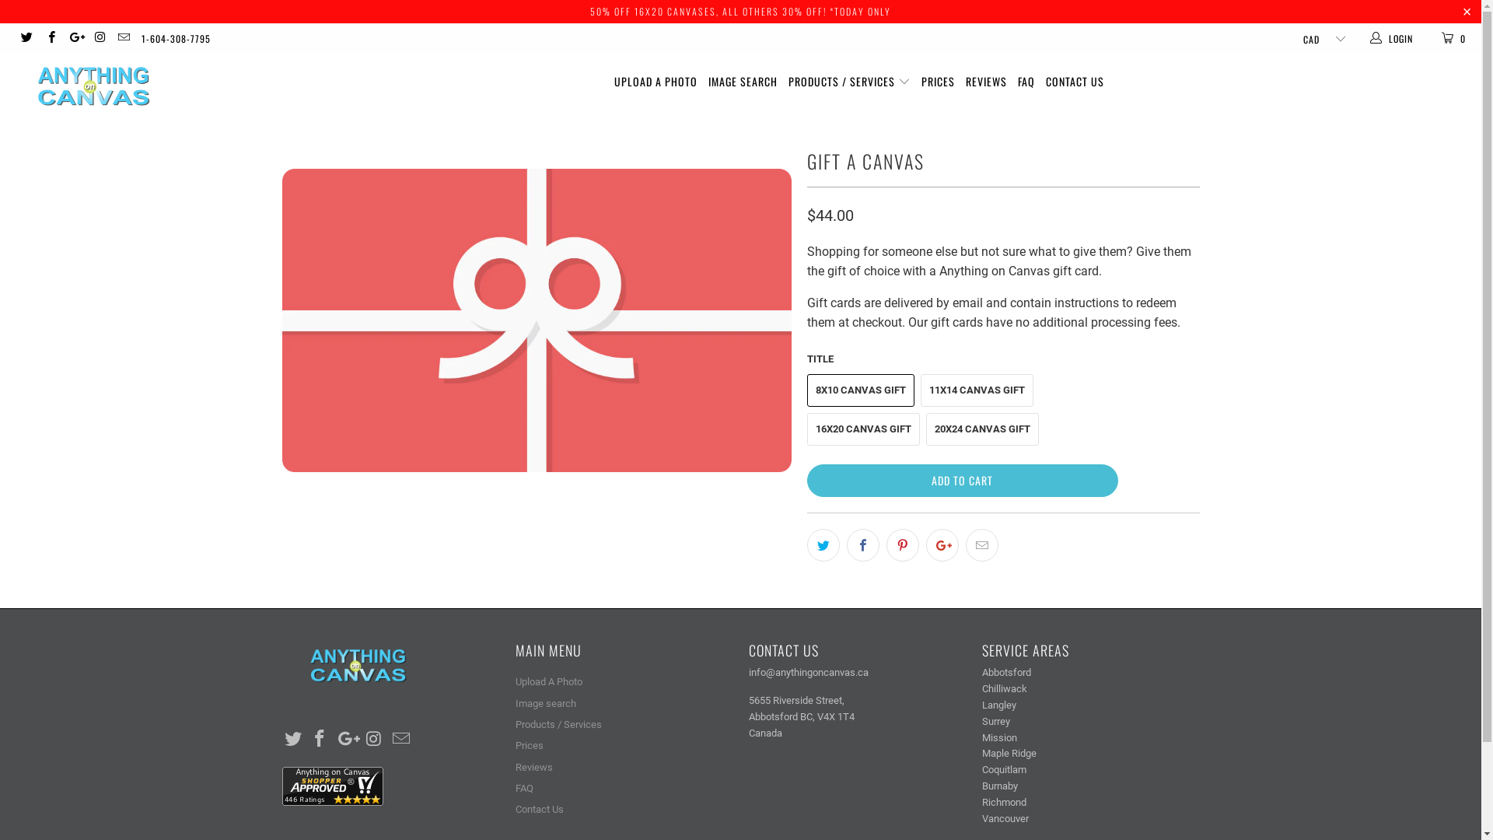 This screenshot has width=1493, height=840. Describe the element at coordinates (962, 479) in the screenshot. I see `'ADD TO CART'` at that location.